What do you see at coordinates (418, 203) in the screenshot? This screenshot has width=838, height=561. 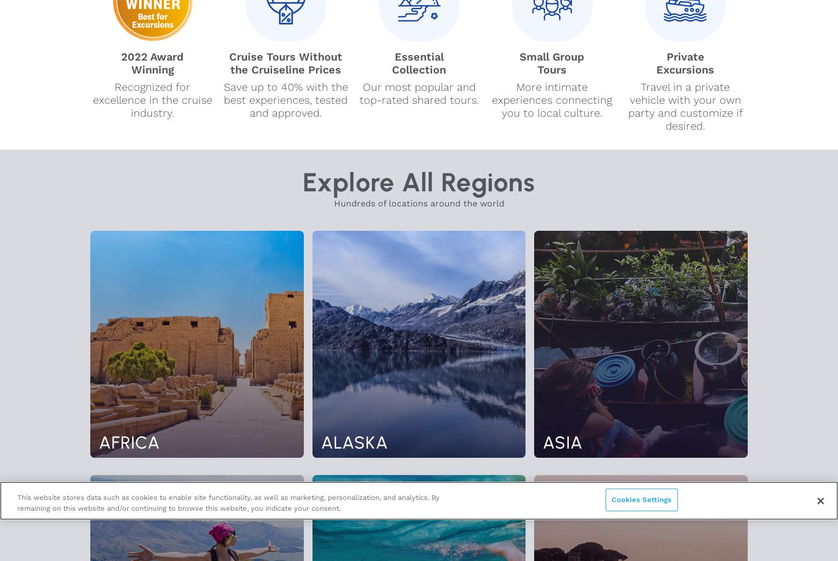 I see `'Hundreds of locations around the world'` at bounding box center [418, 203].